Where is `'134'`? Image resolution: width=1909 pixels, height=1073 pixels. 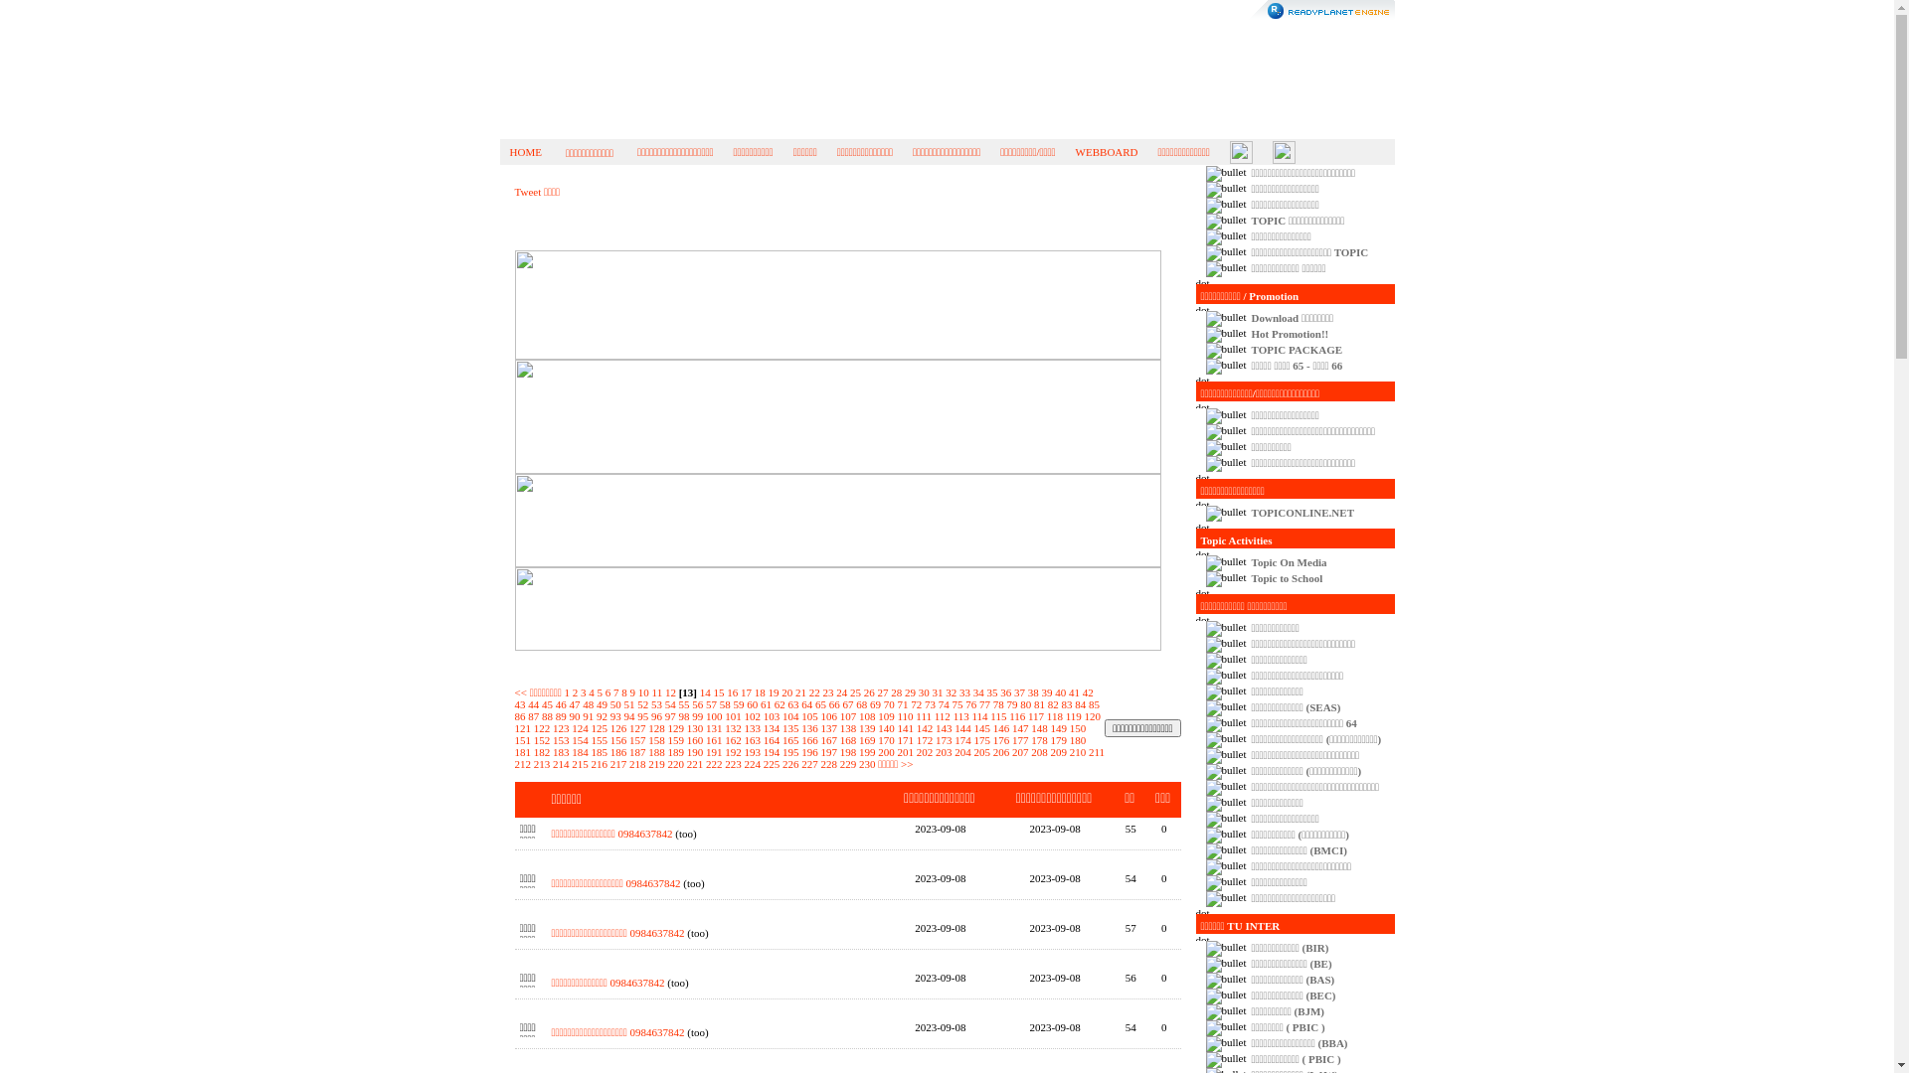 '134' is located at coordinates (771, 727).